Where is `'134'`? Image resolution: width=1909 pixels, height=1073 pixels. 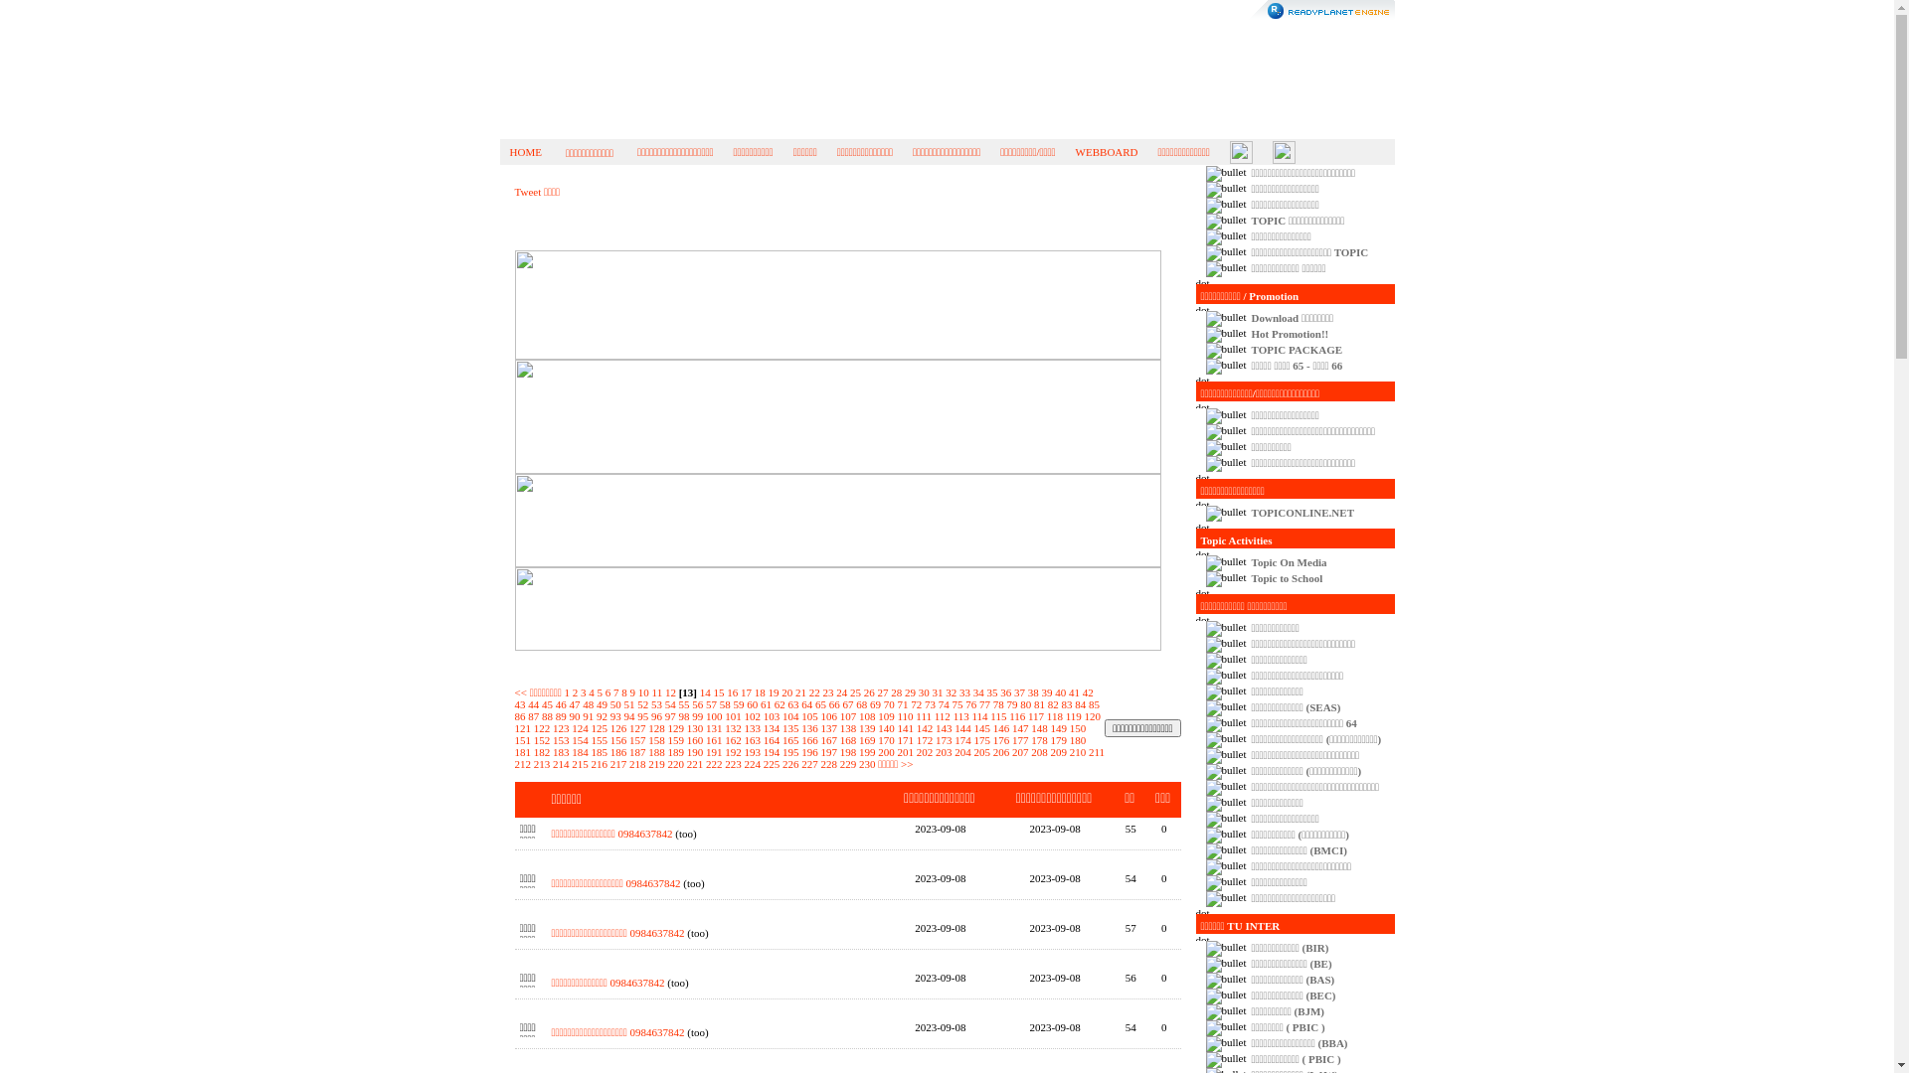 '134' is located at coordinates (771, 727).